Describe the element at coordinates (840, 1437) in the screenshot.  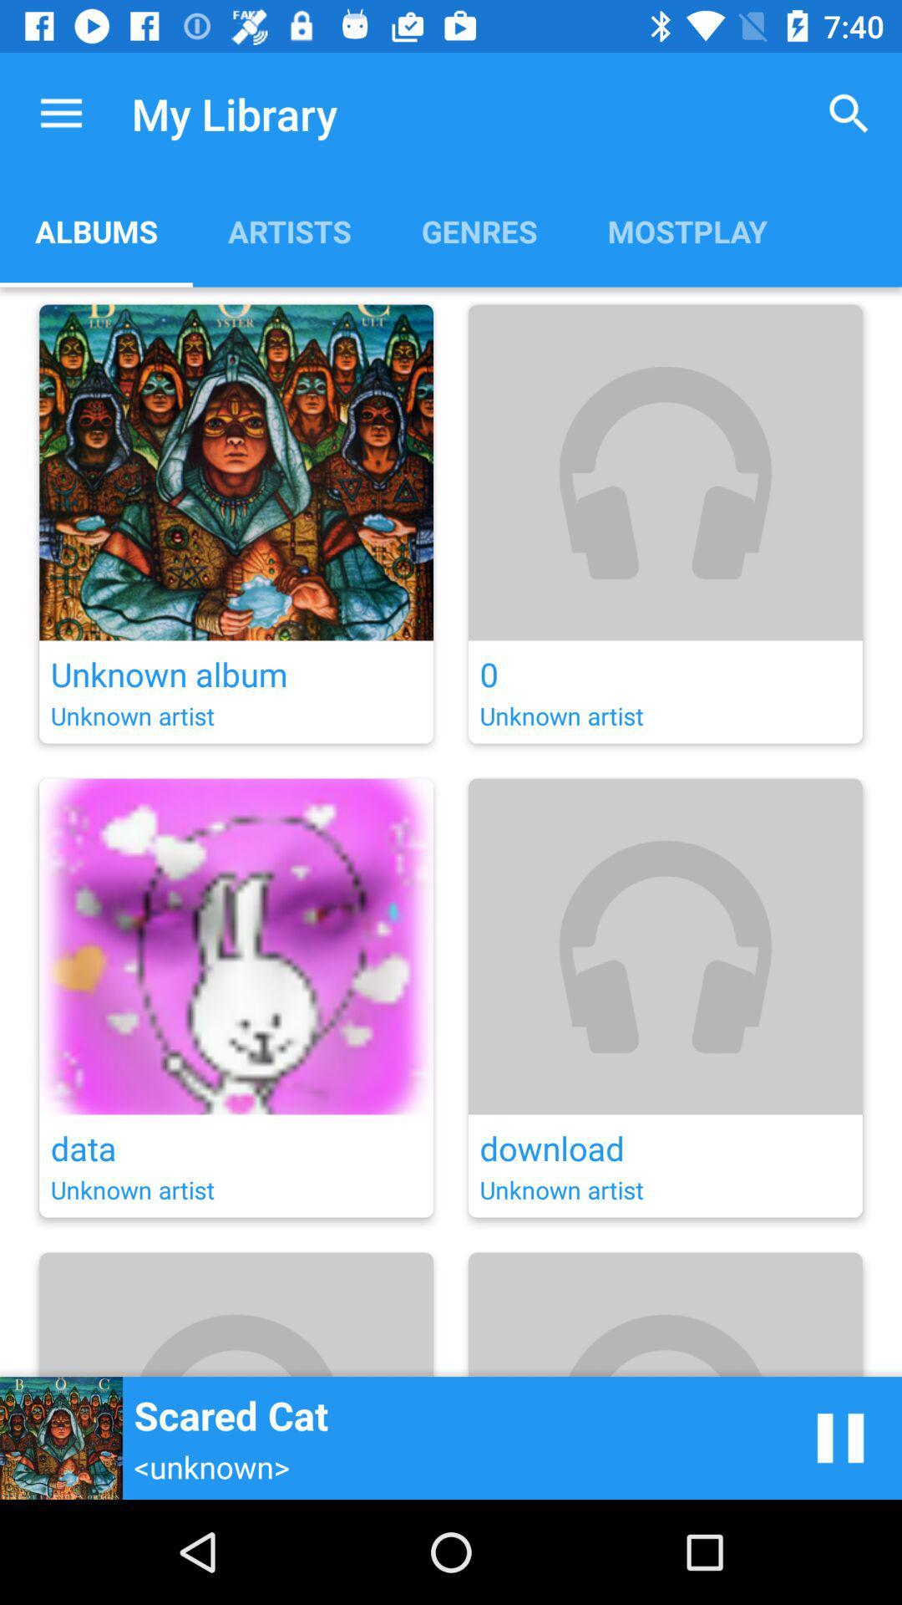
I see `pause the music currently playing` at that location.